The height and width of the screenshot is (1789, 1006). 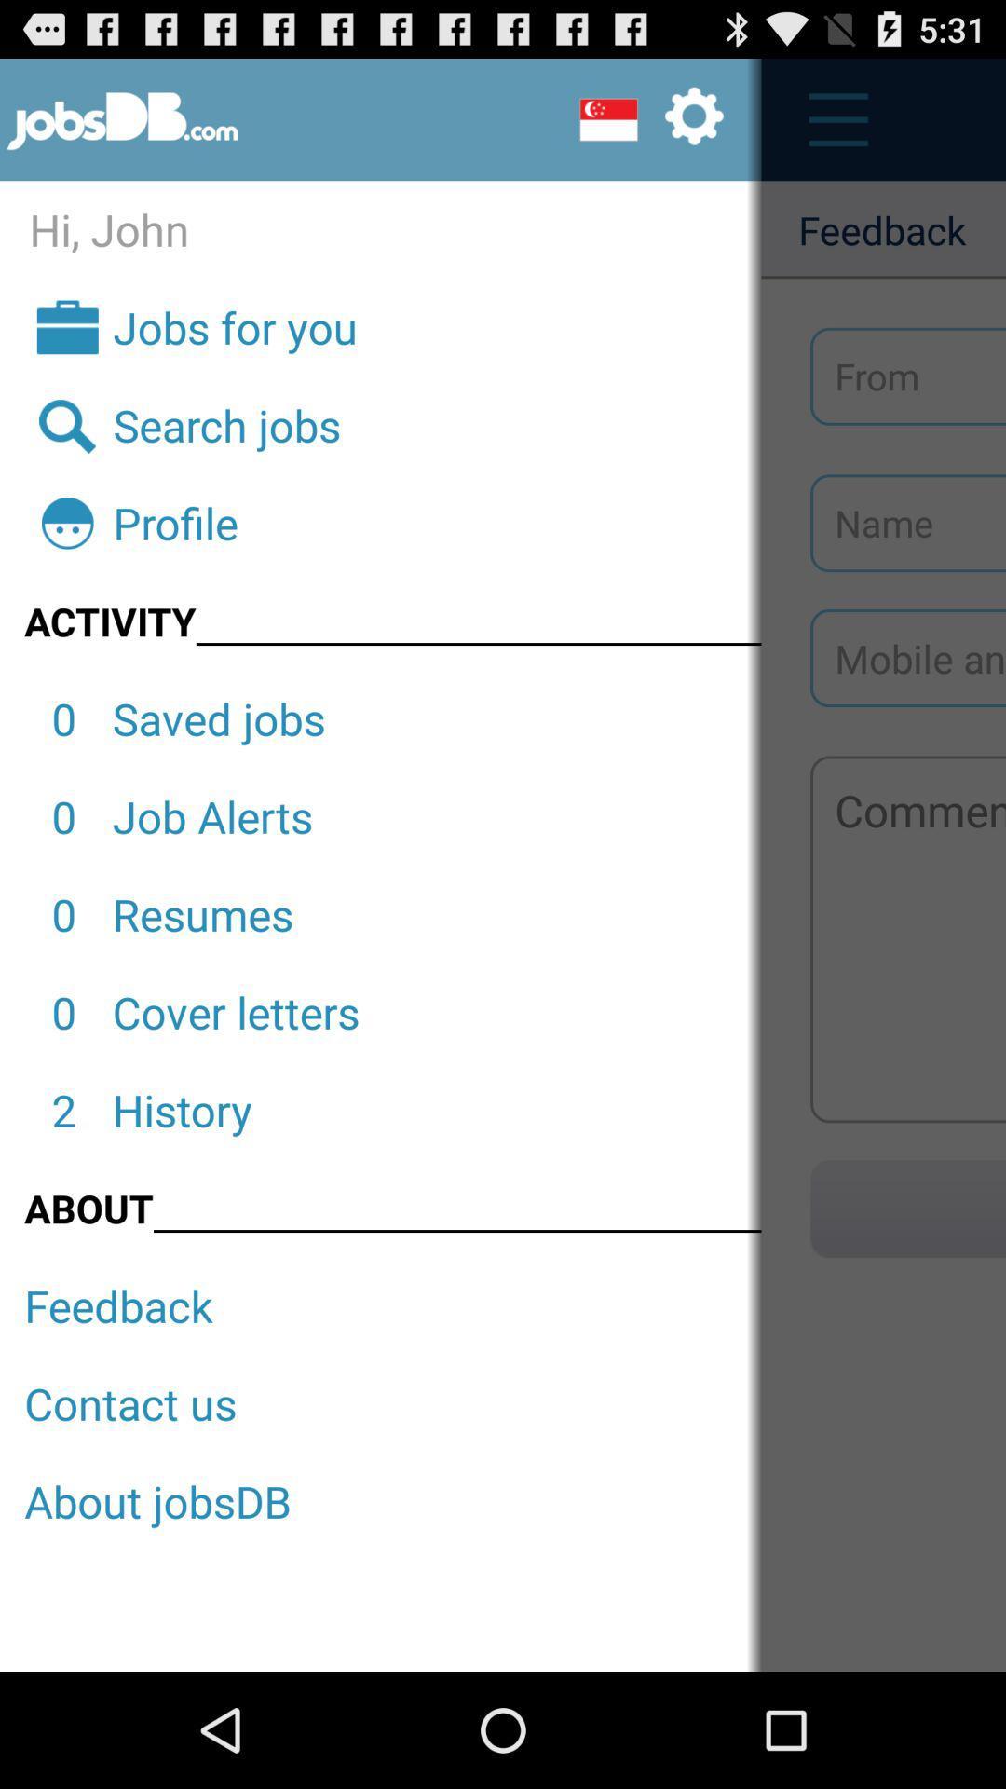 What do you see at coordinates (907, 939) in the screenshot?
I see `touch to enter comment` at bounding box center [907, 939].